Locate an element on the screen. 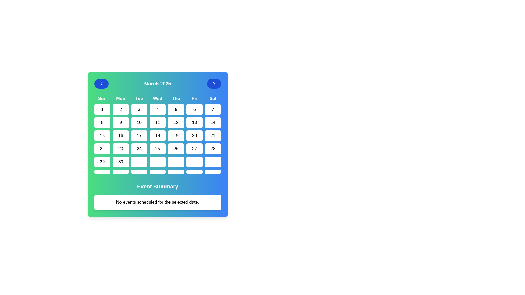 The height and width of the screenshot is (295, 525). the button that navigates to the next month in the calendar, located at the right edge of the header next to 'March 2025' is located at coordinates (214, 84).